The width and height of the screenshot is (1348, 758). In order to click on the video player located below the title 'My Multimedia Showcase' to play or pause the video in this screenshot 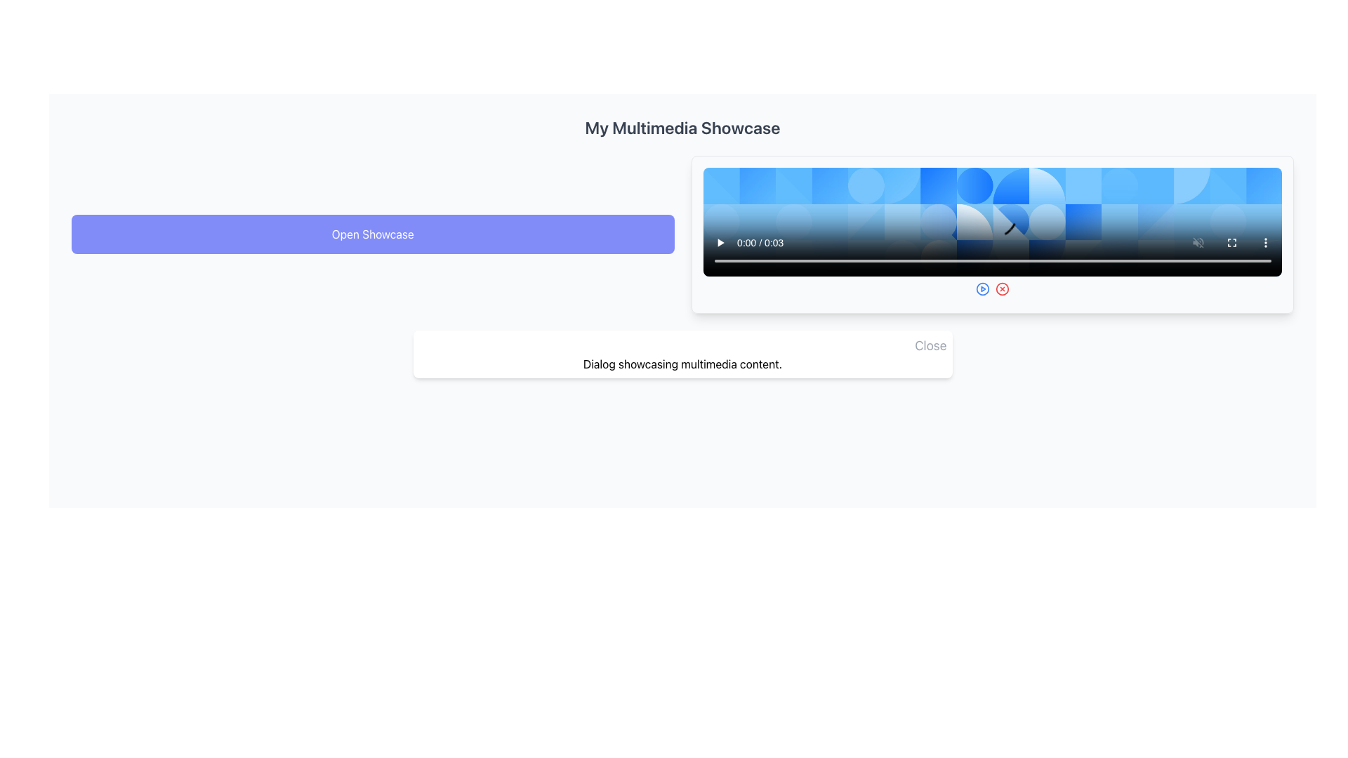, I will do `click(991, 221)`.